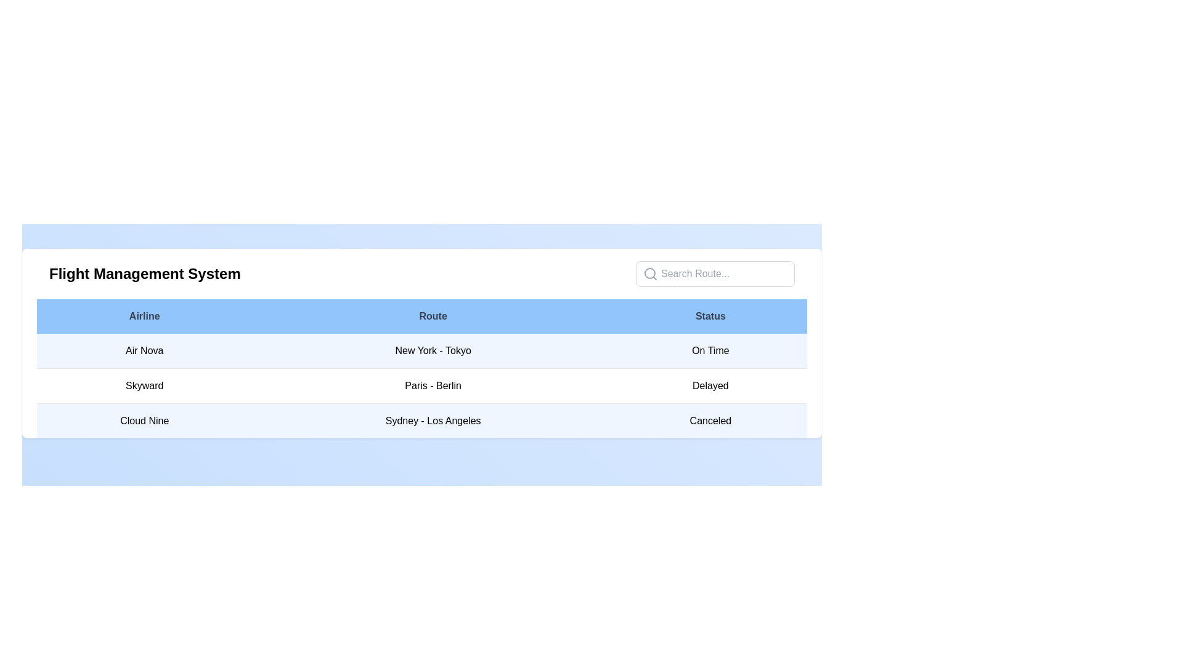 Image resolution: width=1183 pixels, height=665 pixels. Describe the element at coordinates (144, 351) in the screenshot. I see `the 'Air Nova' text label, which is the leftmost entry` at that location.